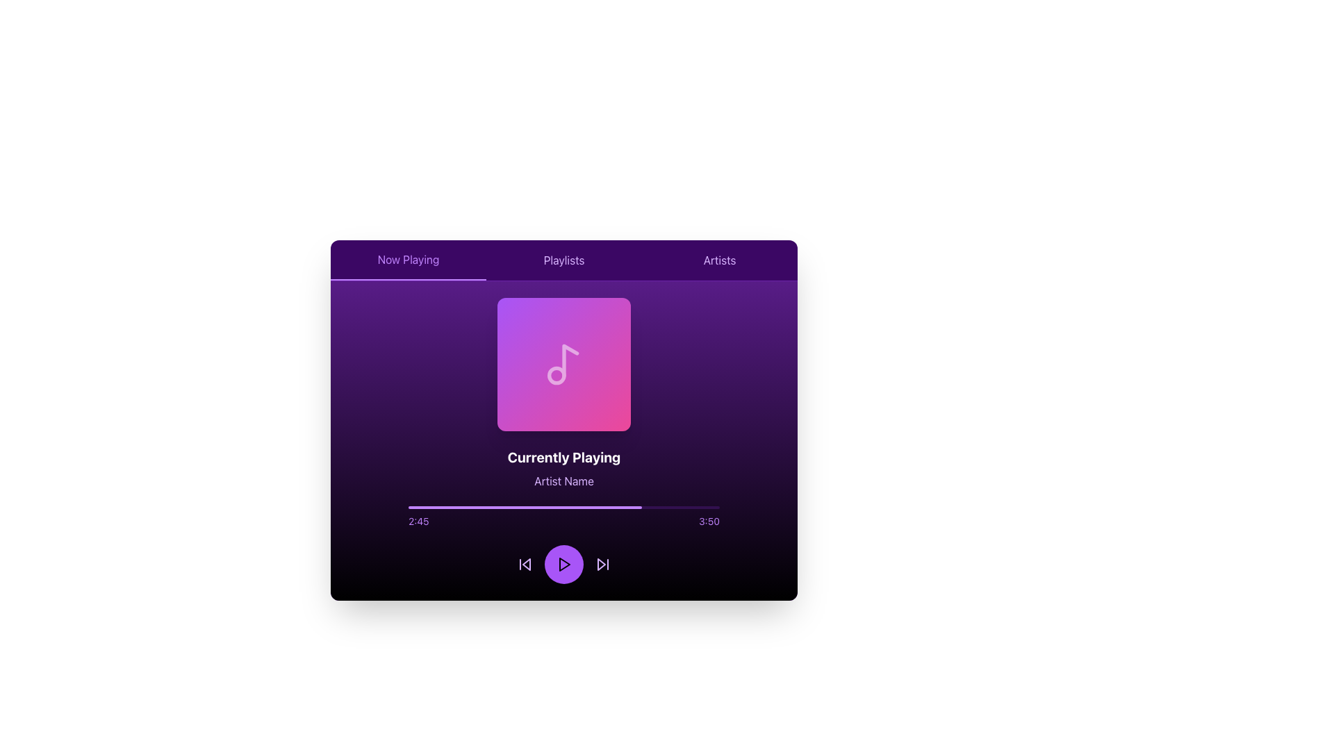 The image size is (1334, 750). I want to click on the pink circular shape within the SVG graphic of the musical note icon located at the bottom-left section of the music player interface, so click(557, 375).